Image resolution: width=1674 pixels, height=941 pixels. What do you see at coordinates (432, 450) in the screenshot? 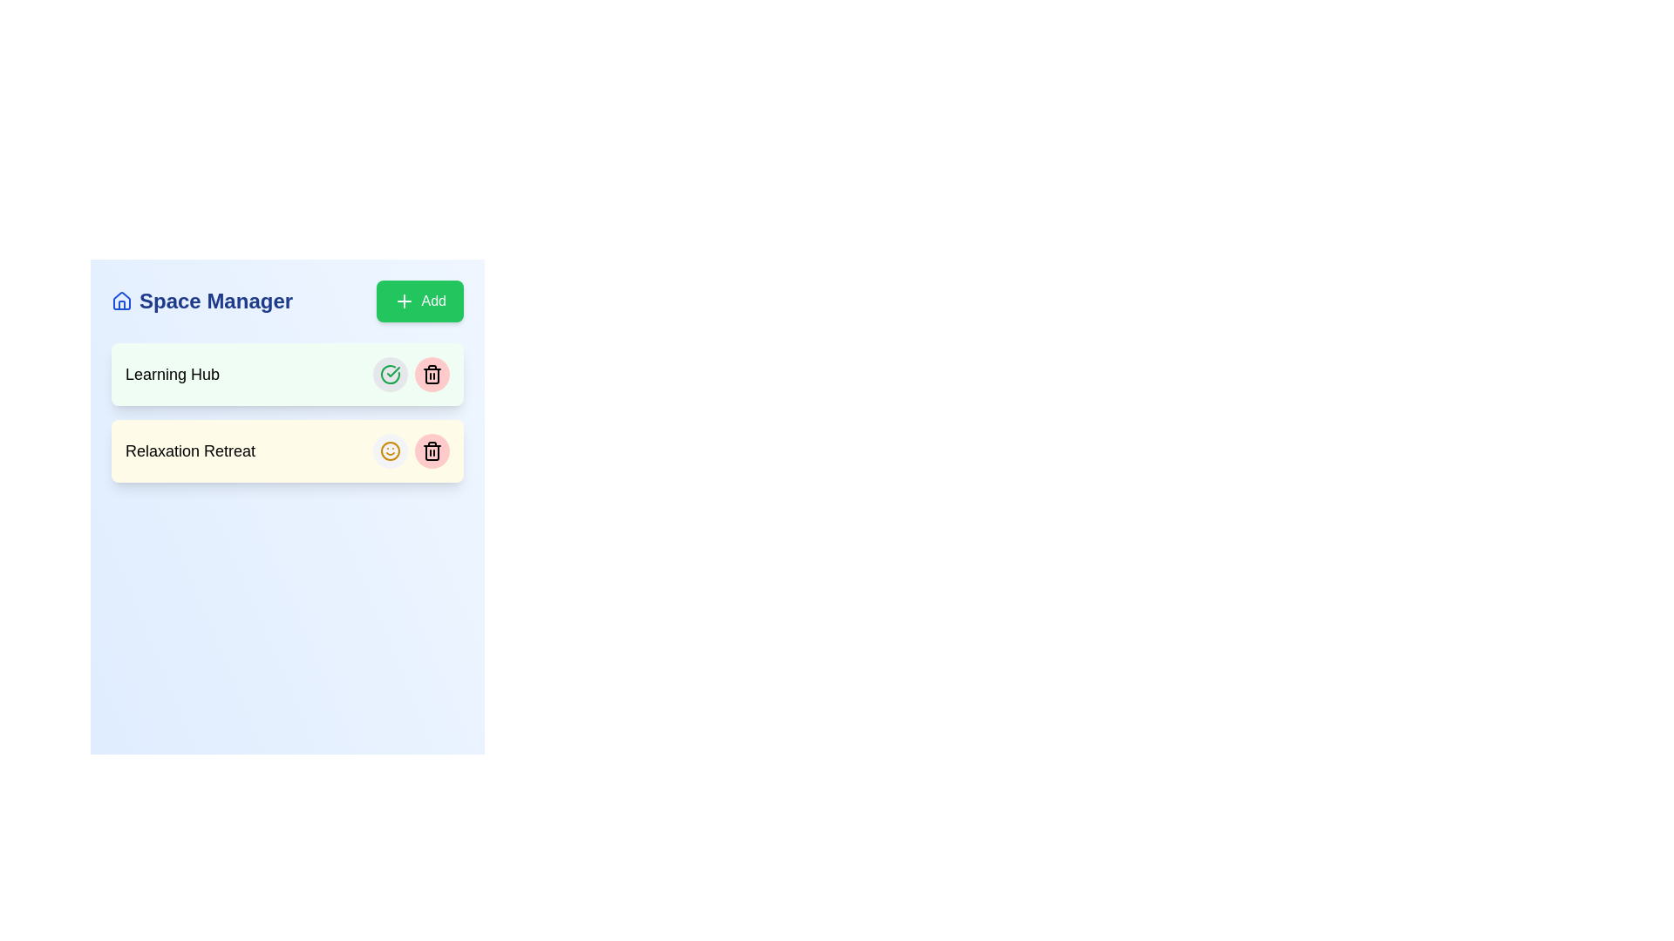
I see `the delete button for the 'Relaxation Retreat' entry, located in the second row of the list, to the far right next to the smiley face icon to observe its hover effects` at bounding box center [432, 450].